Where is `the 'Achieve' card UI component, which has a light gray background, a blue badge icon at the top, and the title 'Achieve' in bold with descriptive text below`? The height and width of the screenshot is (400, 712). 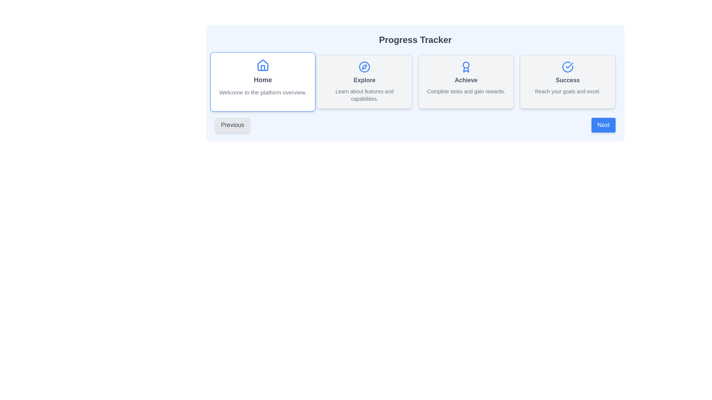 the 'Achieve' card UI component, which has a light gray background, a blue badge icon at the top, and the title 'Achieve' in bold with descriptive text below is located at coordinates (466, 81).